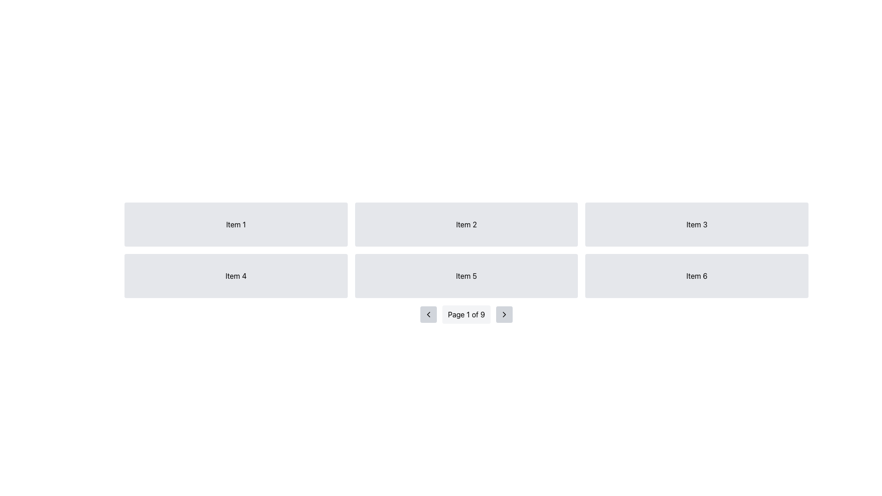  Describe the element at coordinates (428, 314) in the screenshot. I see `the left-facing chevron icon styled as a navigation arrow in the pagination control section` at that location.